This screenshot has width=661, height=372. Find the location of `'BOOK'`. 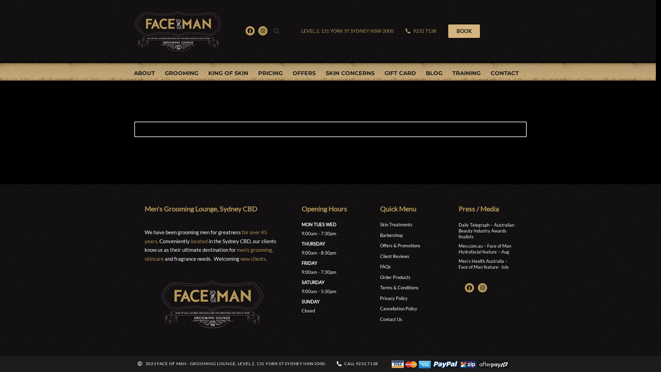

'BOOK' is located at coordinates (464, 30).